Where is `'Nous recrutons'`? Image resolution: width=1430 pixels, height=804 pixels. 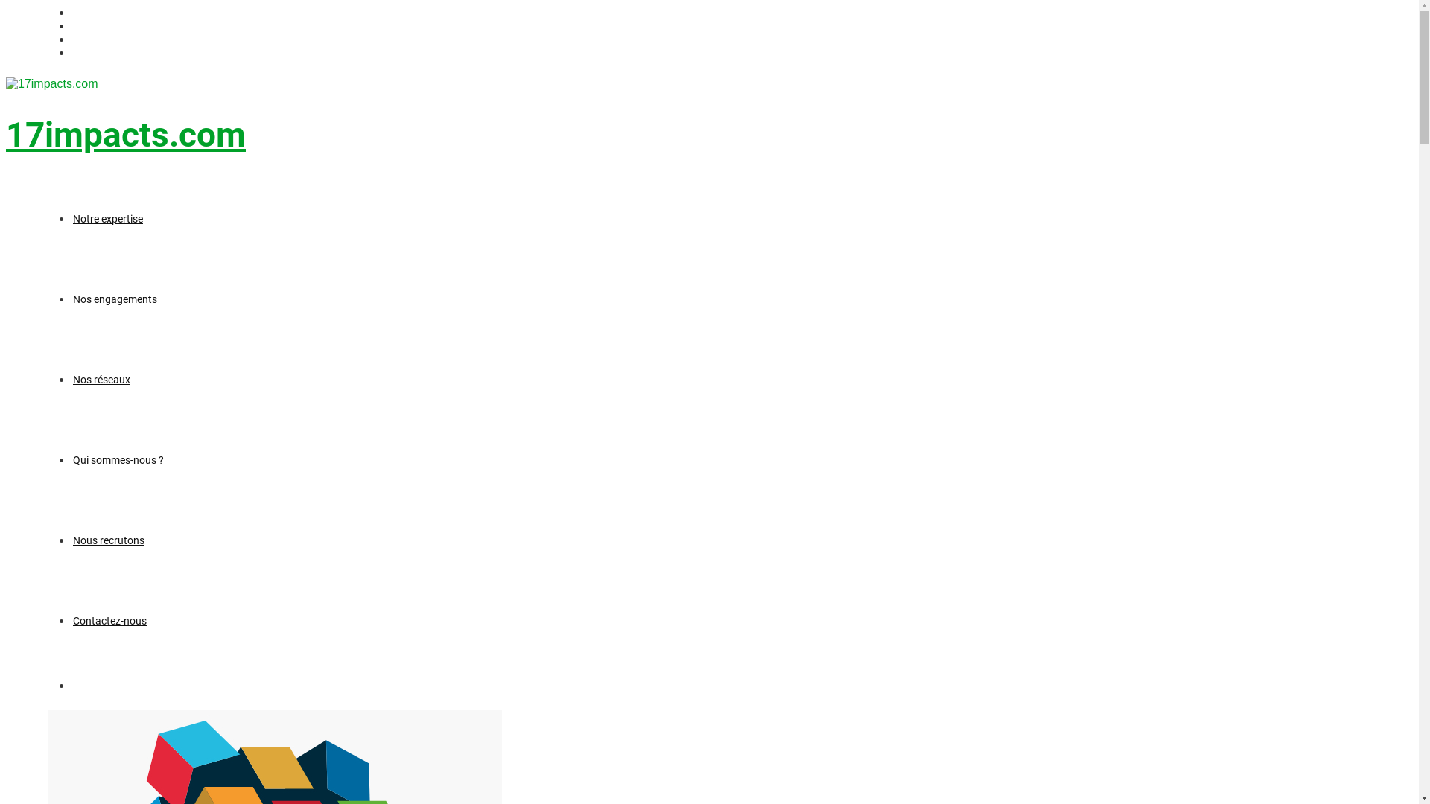 'Nous recrutons' is located at coordinates (71, 540).